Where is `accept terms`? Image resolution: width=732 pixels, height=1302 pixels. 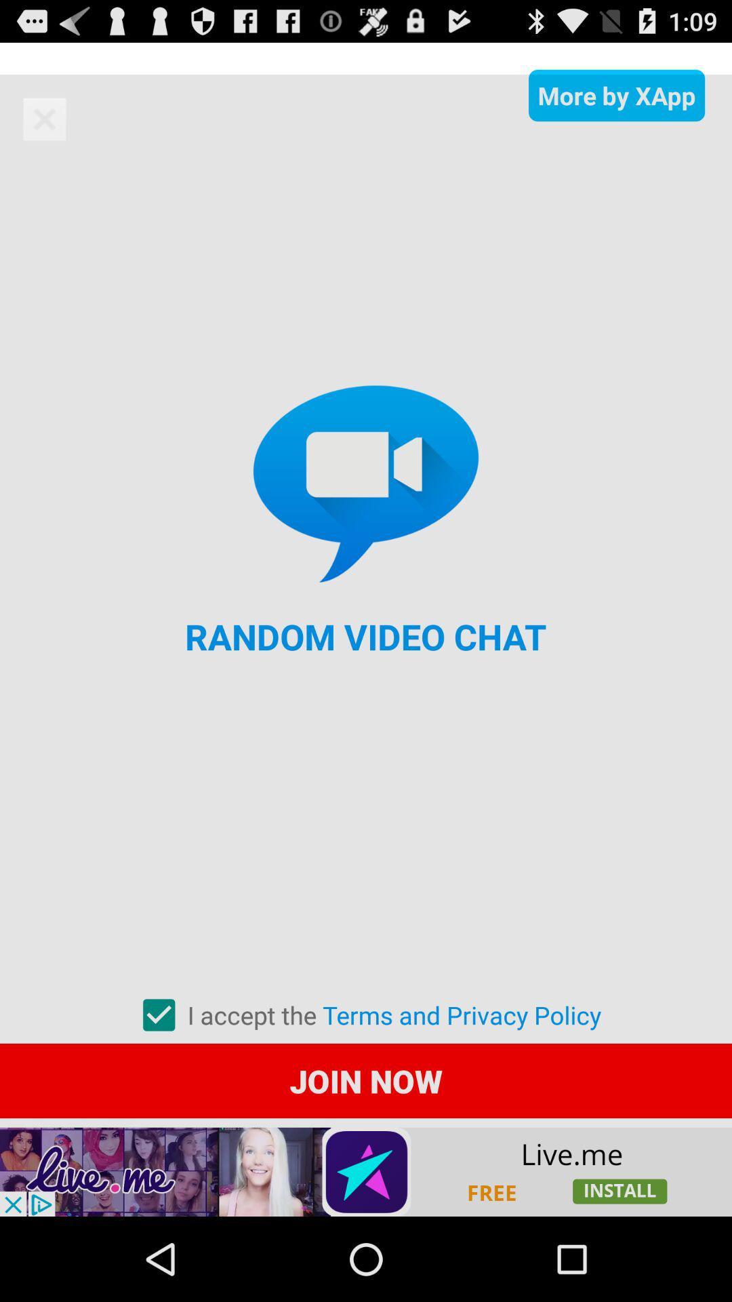 accept terms is located at coordinates (158, 1015).